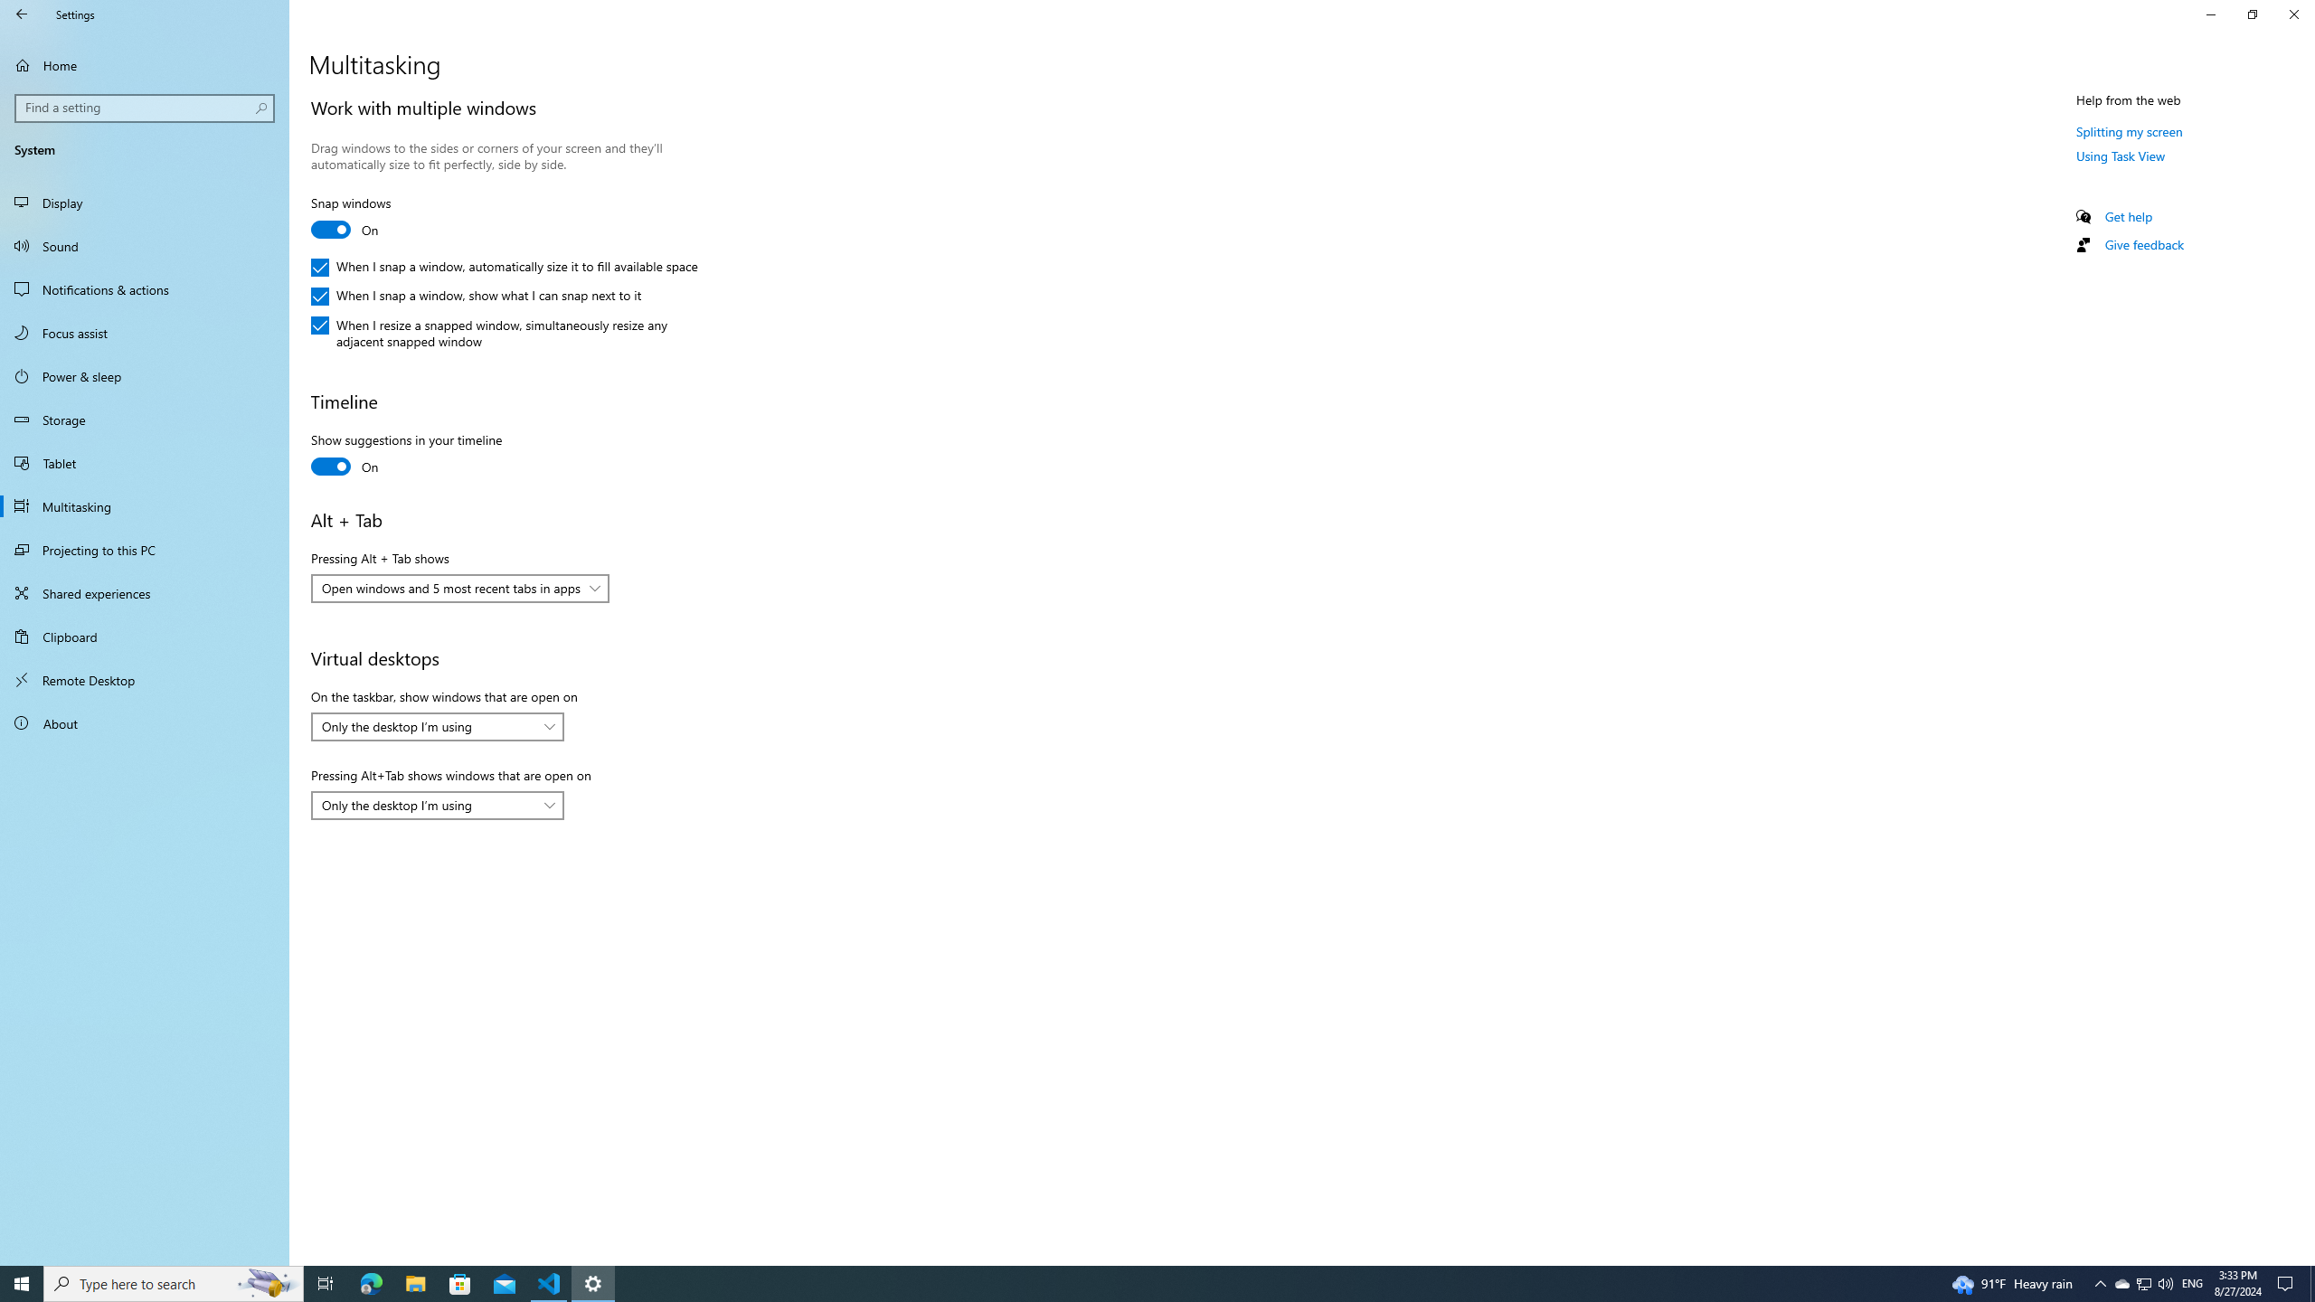 This screenshot has height=1302, width=2315. I want to click on 'File Explorer', so click(414, 1282).